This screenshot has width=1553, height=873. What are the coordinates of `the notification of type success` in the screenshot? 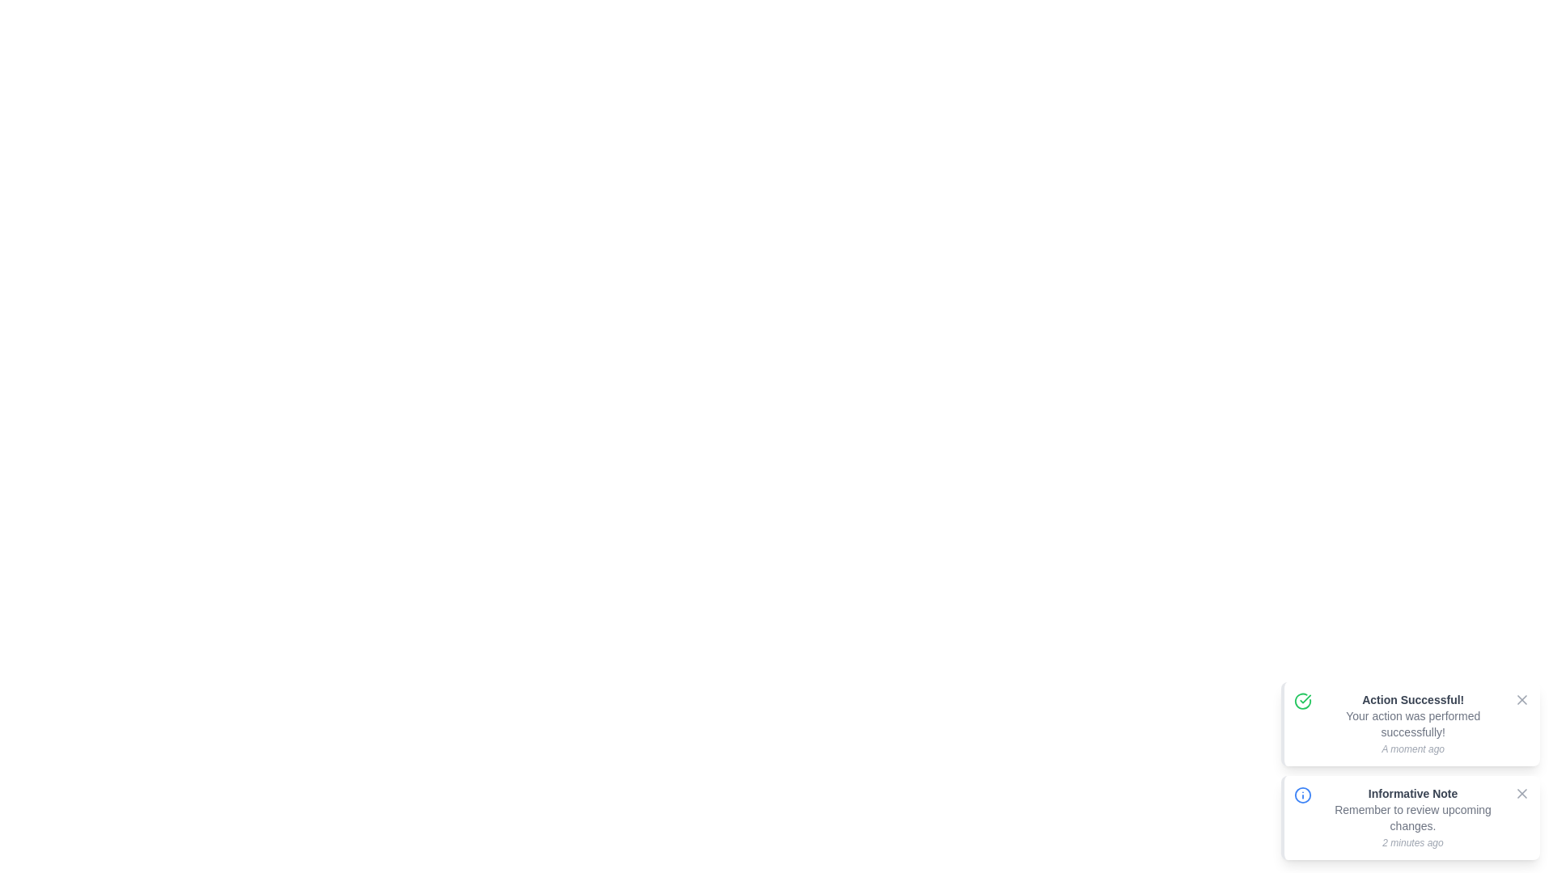 It's located at (1303, 700).